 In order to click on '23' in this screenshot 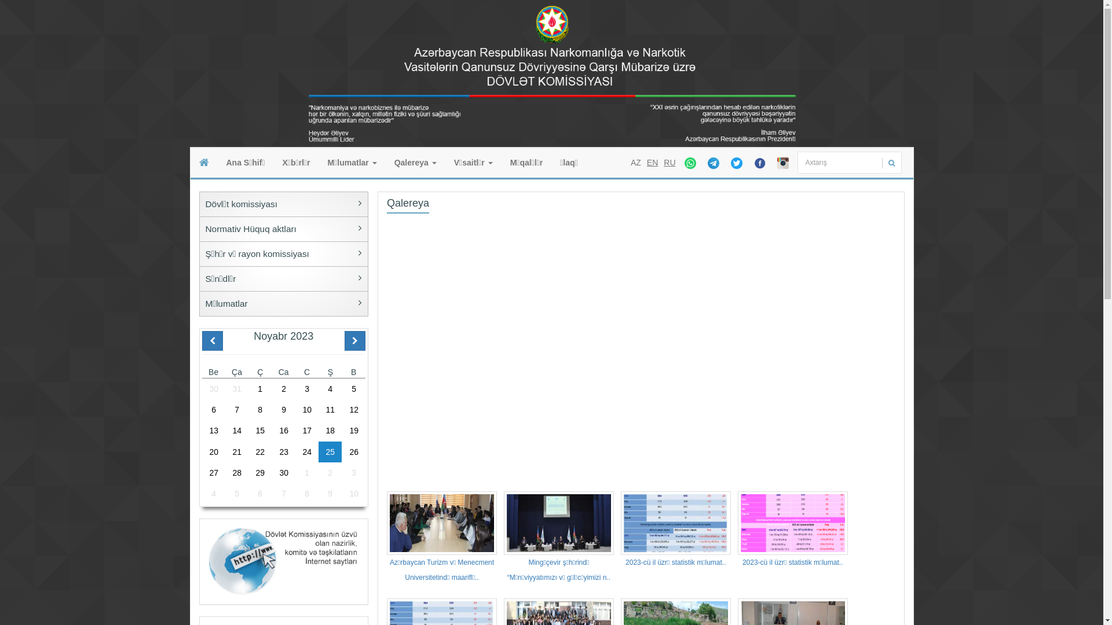, I will do `click(283, 451)`.